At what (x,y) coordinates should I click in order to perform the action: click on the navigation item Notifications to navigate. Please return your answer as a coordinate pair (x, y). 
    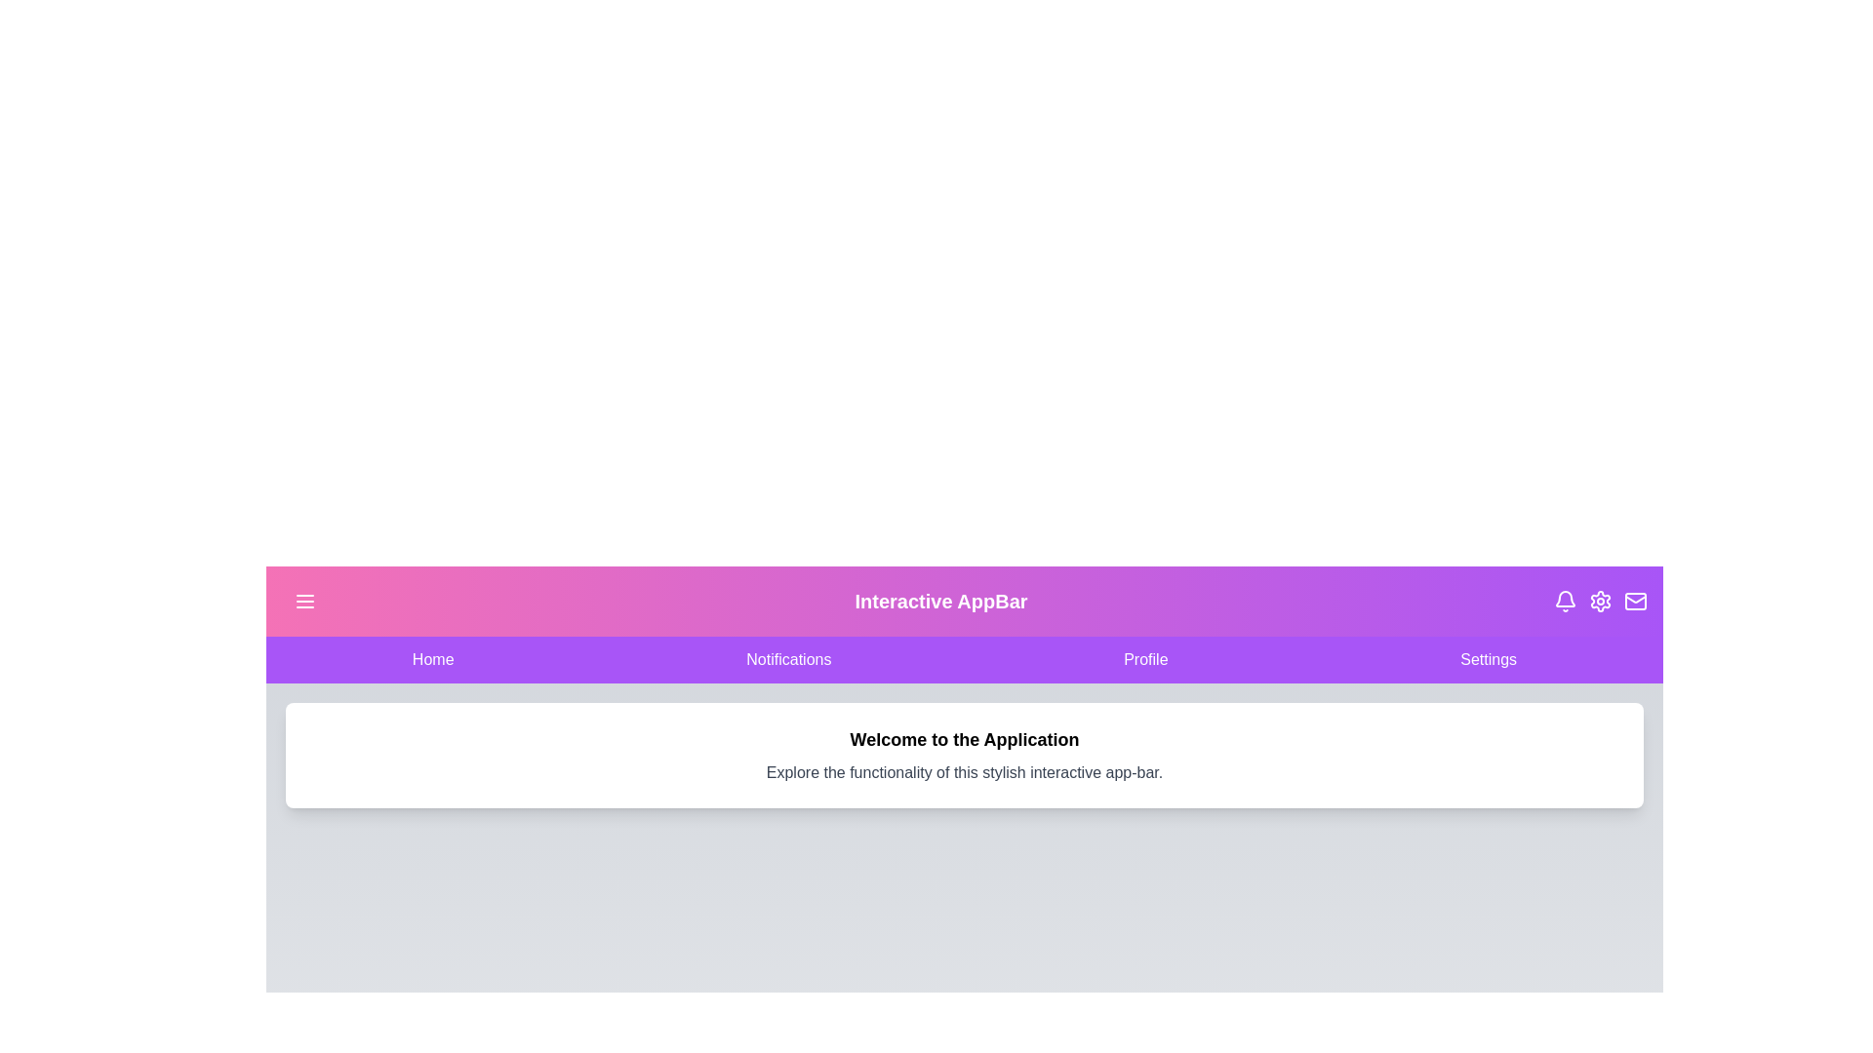
    Looking at the image, I should click on (788, 659).